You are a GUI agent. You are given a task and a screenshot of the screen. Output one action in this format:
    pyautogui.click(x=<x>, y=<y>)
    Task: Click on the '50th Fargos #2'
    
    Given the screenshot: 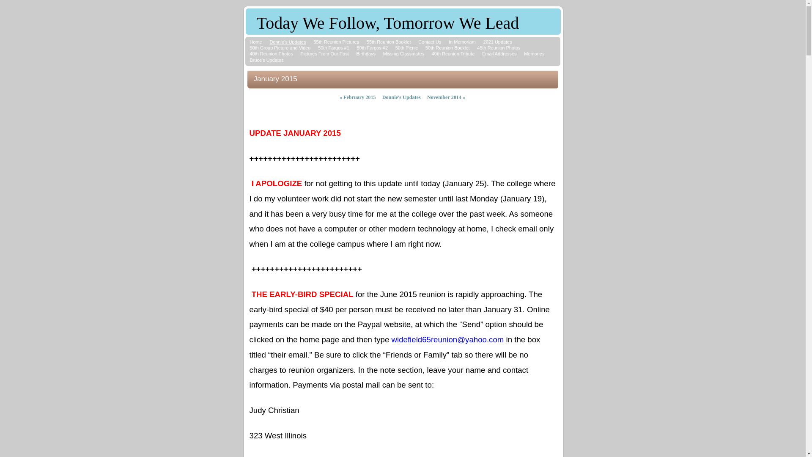 What is the action you would take?
    pyautogui.click(x=372, y=47)
    